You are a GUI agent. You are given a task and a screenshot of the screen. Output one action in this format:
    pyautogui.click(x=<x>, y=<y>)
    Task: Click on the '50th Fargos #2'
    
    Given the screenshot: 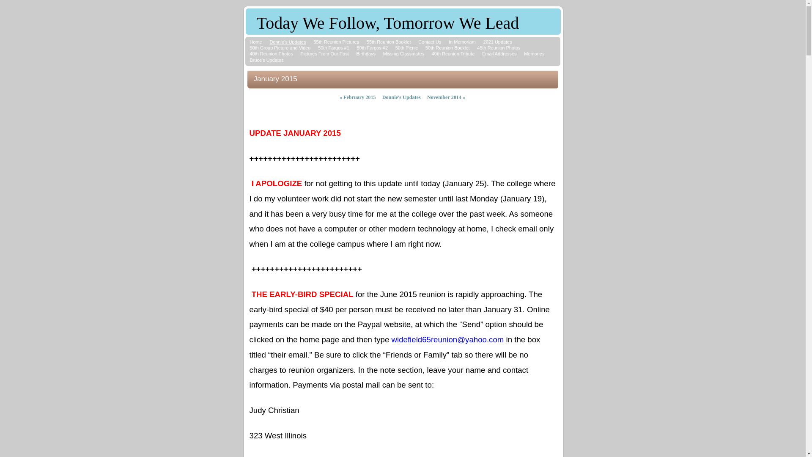 What is the action you would take?
    pyautogui.click(x=372, y=47)
    